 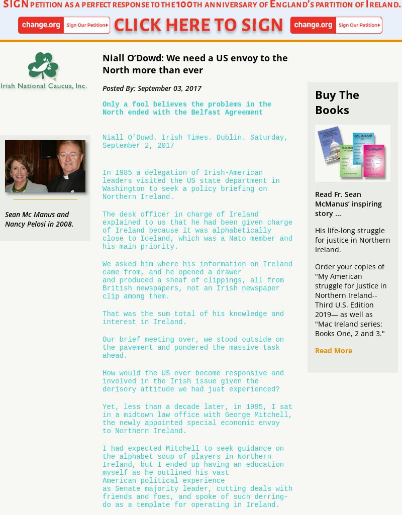 What do you see at coordinates (151, 87) in the screenshot?
I see `'Posted By: September 03, 2017'` at bounding box center [151, 87].